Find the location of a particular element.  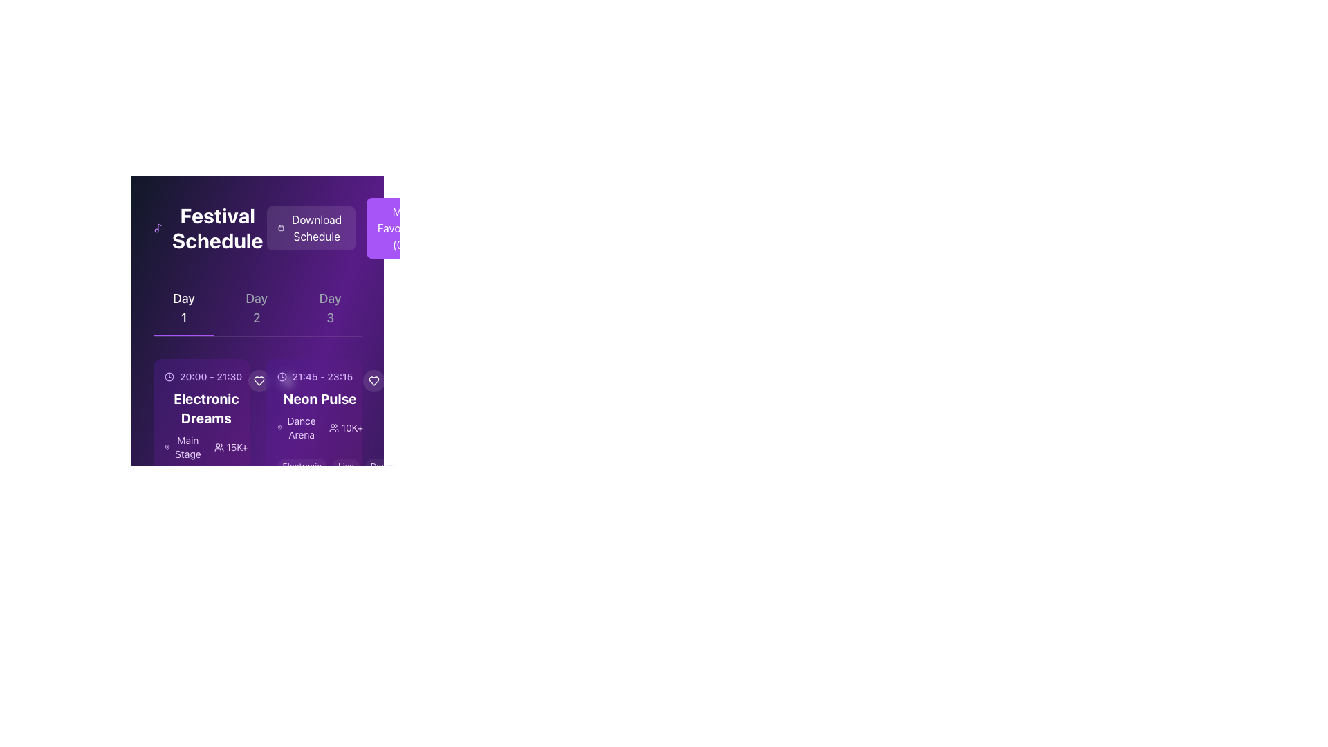

the share icon located at the center of the rounded button on the schedule card for the 'Neon Pulse' event to share the event details is located at coordinates (286, 381).